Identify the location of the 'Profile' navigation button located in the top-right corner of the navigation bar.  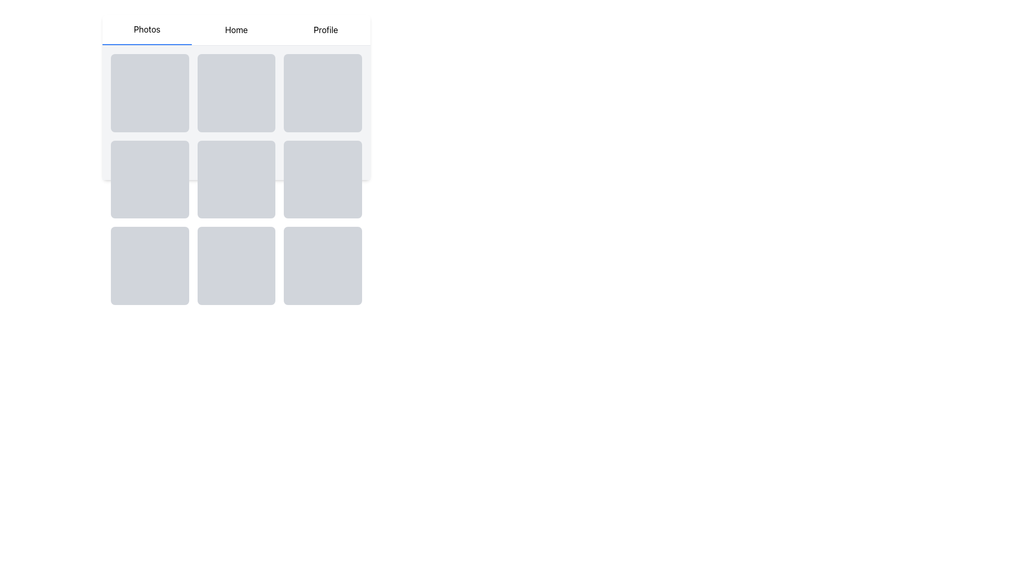
(325, 29).